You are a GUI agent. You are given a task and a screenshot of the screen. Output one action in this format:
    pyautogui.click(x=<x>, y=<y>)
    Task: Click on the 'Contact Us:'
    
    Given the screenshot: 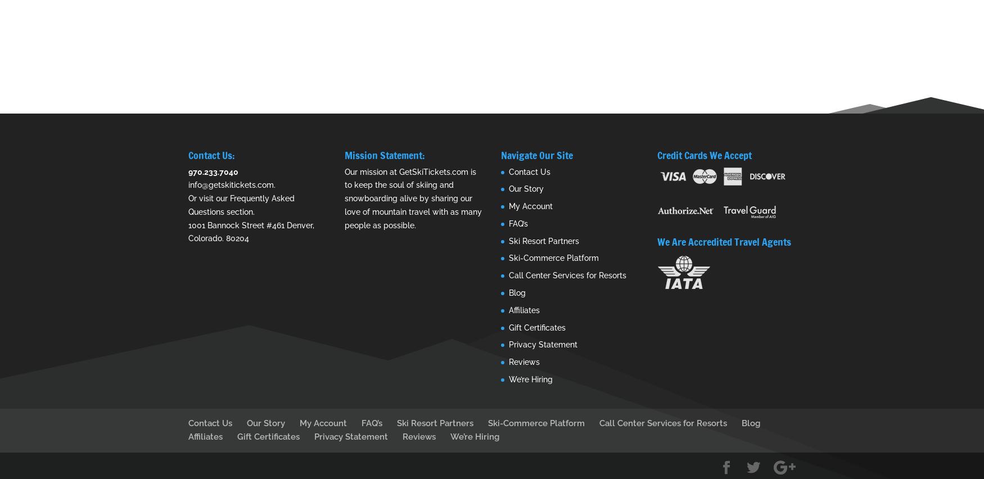 What is the action you would take?
    pyautogui.click(x=211, y=155)
    